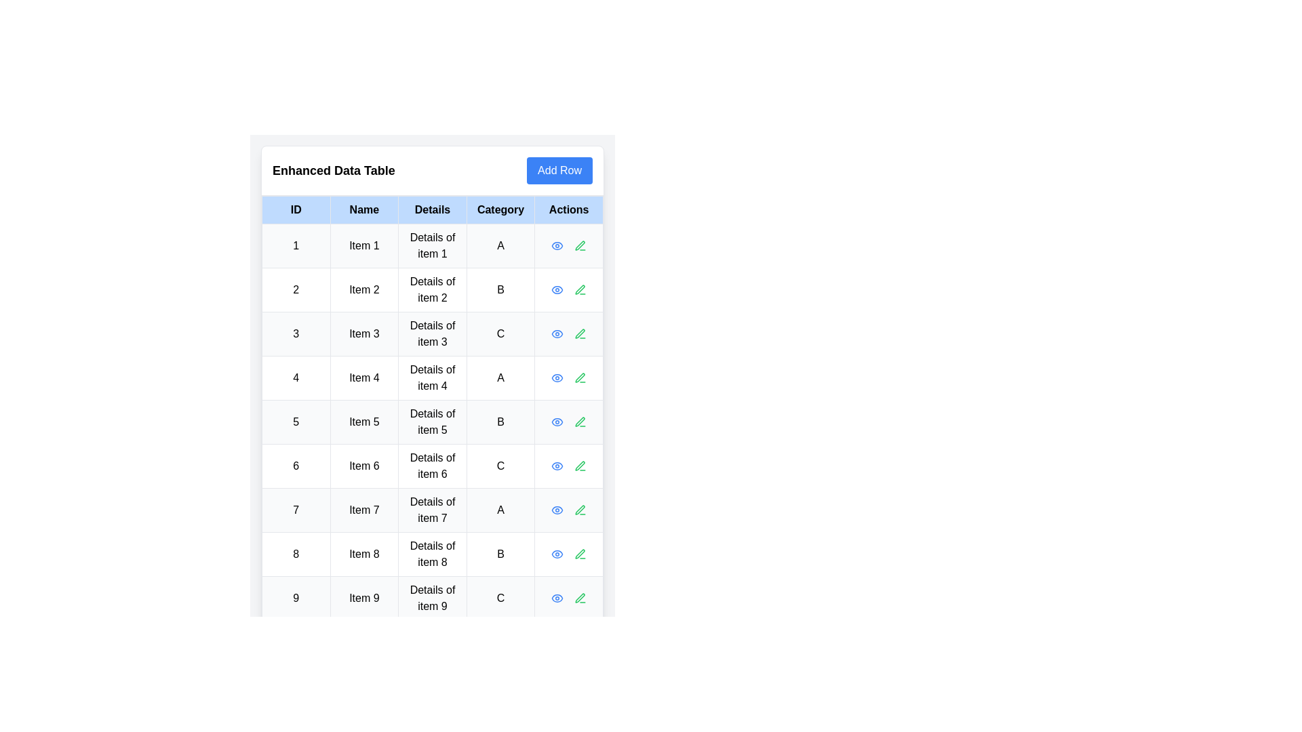 This screenshot has width=1302, height=732. I want to click on the table cell displaying the number '8' to focus on it, so click(295, 554).